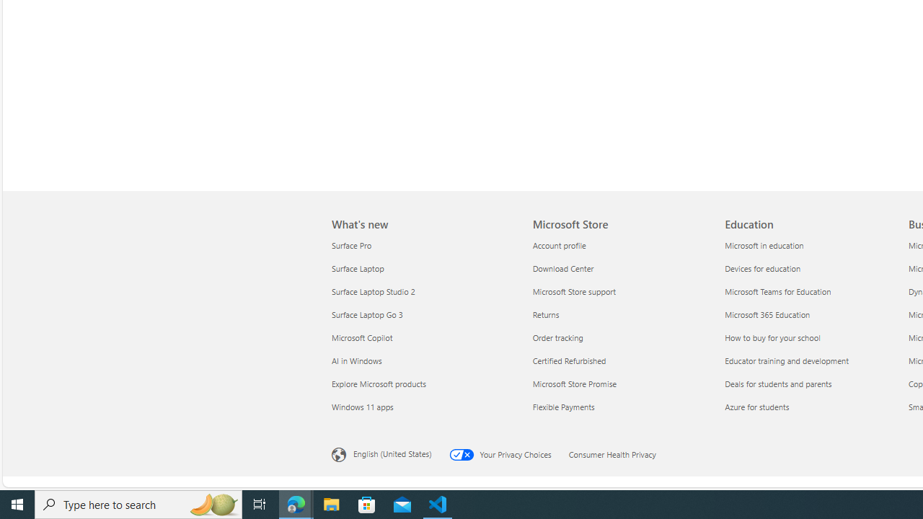 Image resolution: width=923 pixels, height=519 pixels. What do you see at coordinates (767, 313) in the screenshot?
I see `'Microsoft 365 Education Education'` at bounding box center [767, 313].